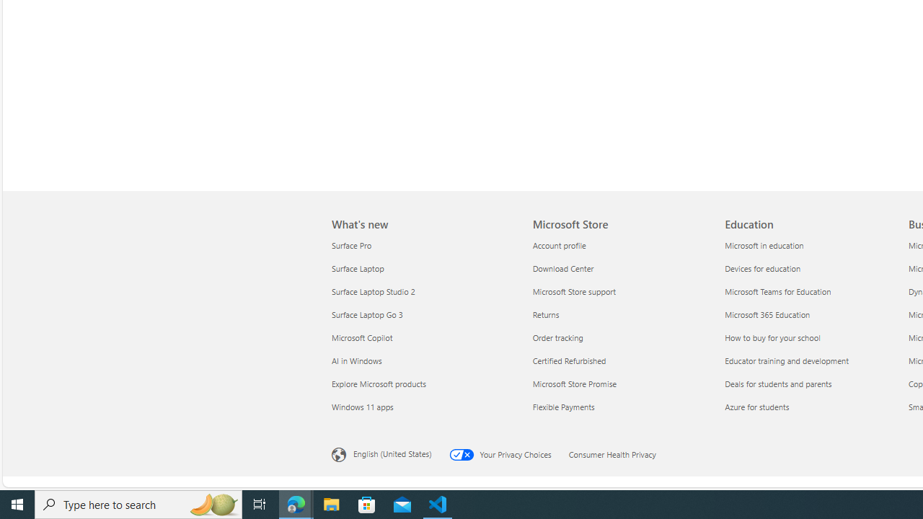 Image resolution: width=923 pixels, height=519 pixels. What do you see at coordinates (767, 313) in the screenshot?
I see `'Microsoft 365 Education Education'` at bounding box center [767, 313].